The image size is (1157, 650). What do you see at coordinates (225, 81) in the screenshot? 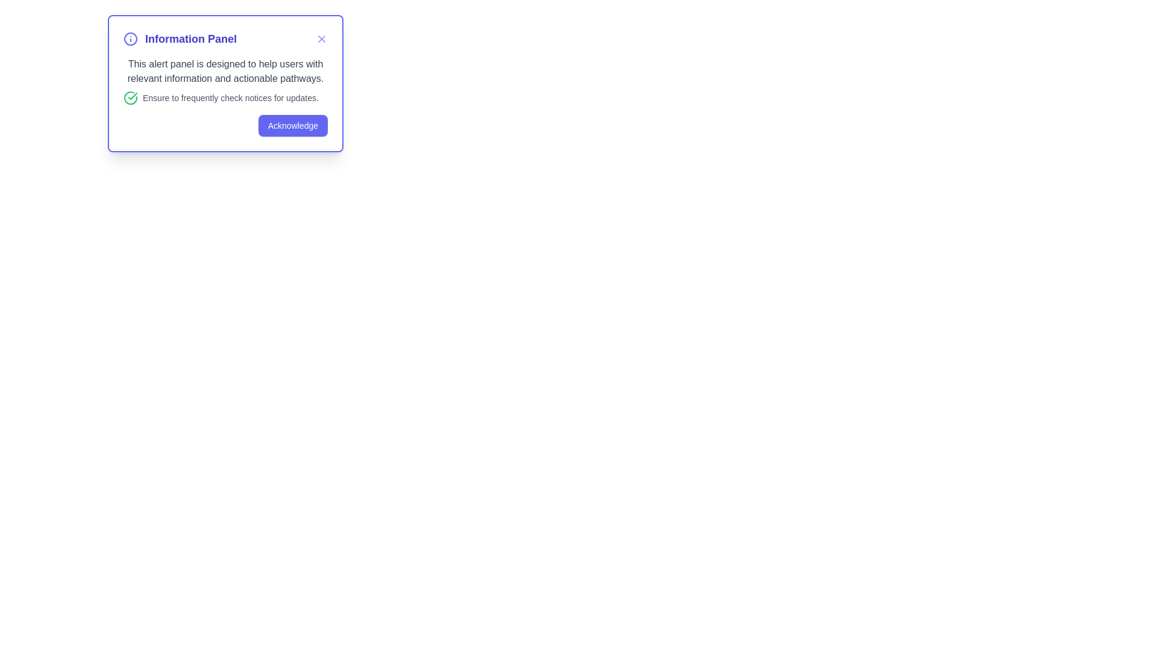
I see `the informational text block located in the alert panel below the 'Information Panel' title` at bounding box center [225, 81].